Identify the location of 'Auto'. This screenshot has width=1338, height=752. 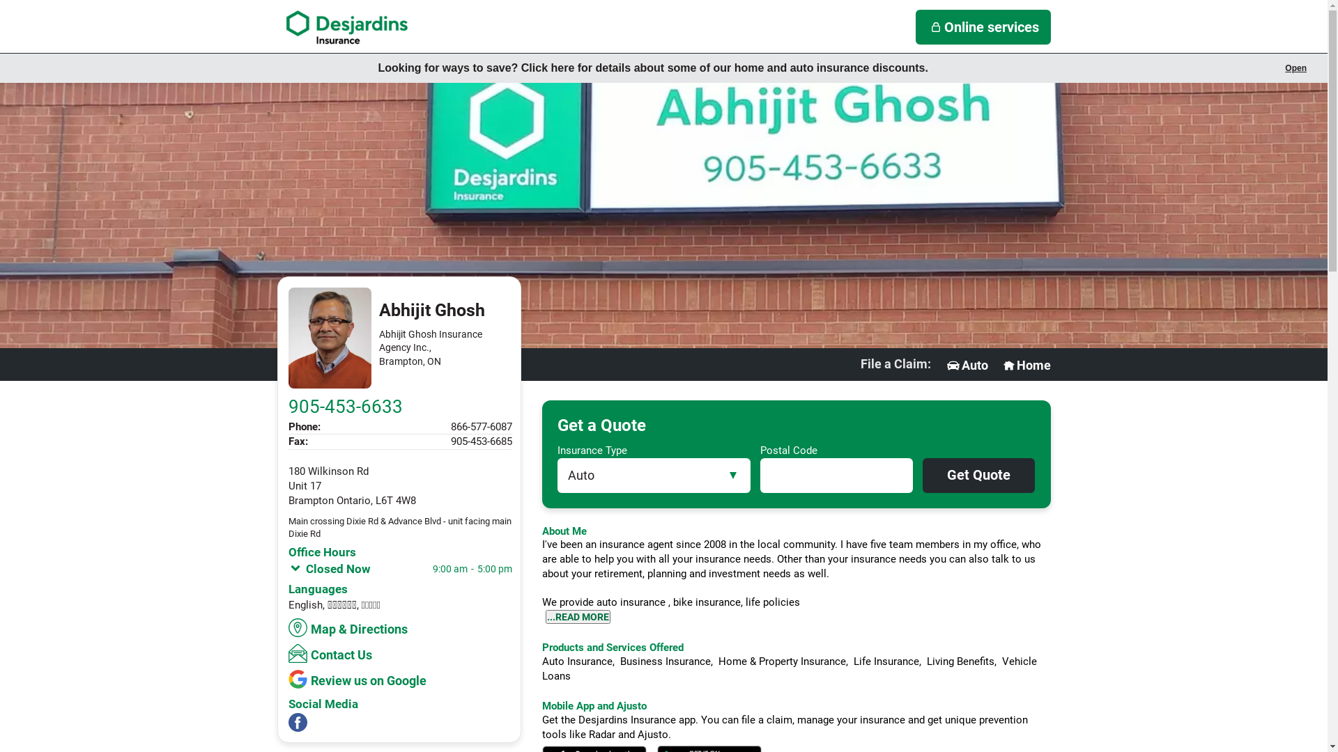
(966, 364).